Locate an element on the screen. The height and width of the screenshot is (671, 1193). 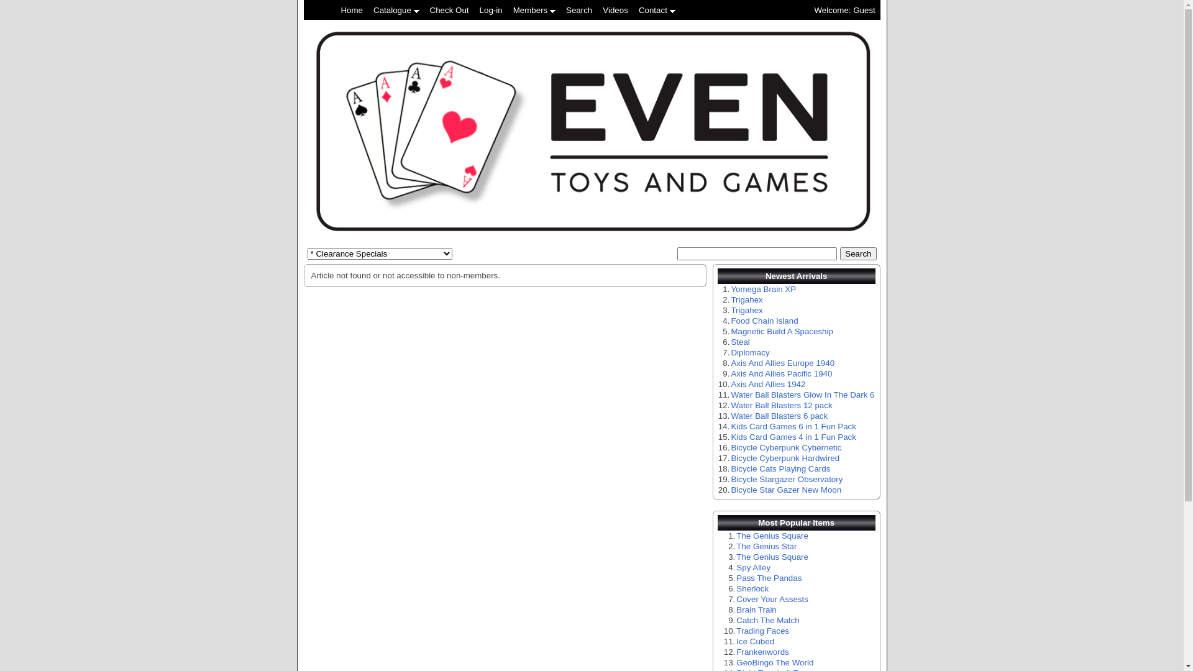
'Magnetic Build A Spaceship' is located at coordinates (781, 331).